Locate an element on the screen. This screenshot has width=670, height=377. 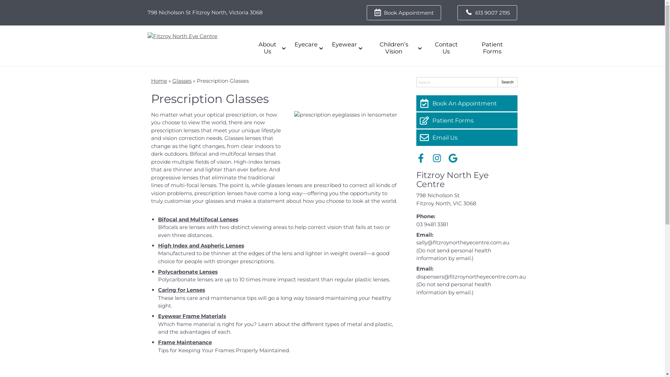
'Polycarbonate Lenses' is located at coordinates (187, 271).